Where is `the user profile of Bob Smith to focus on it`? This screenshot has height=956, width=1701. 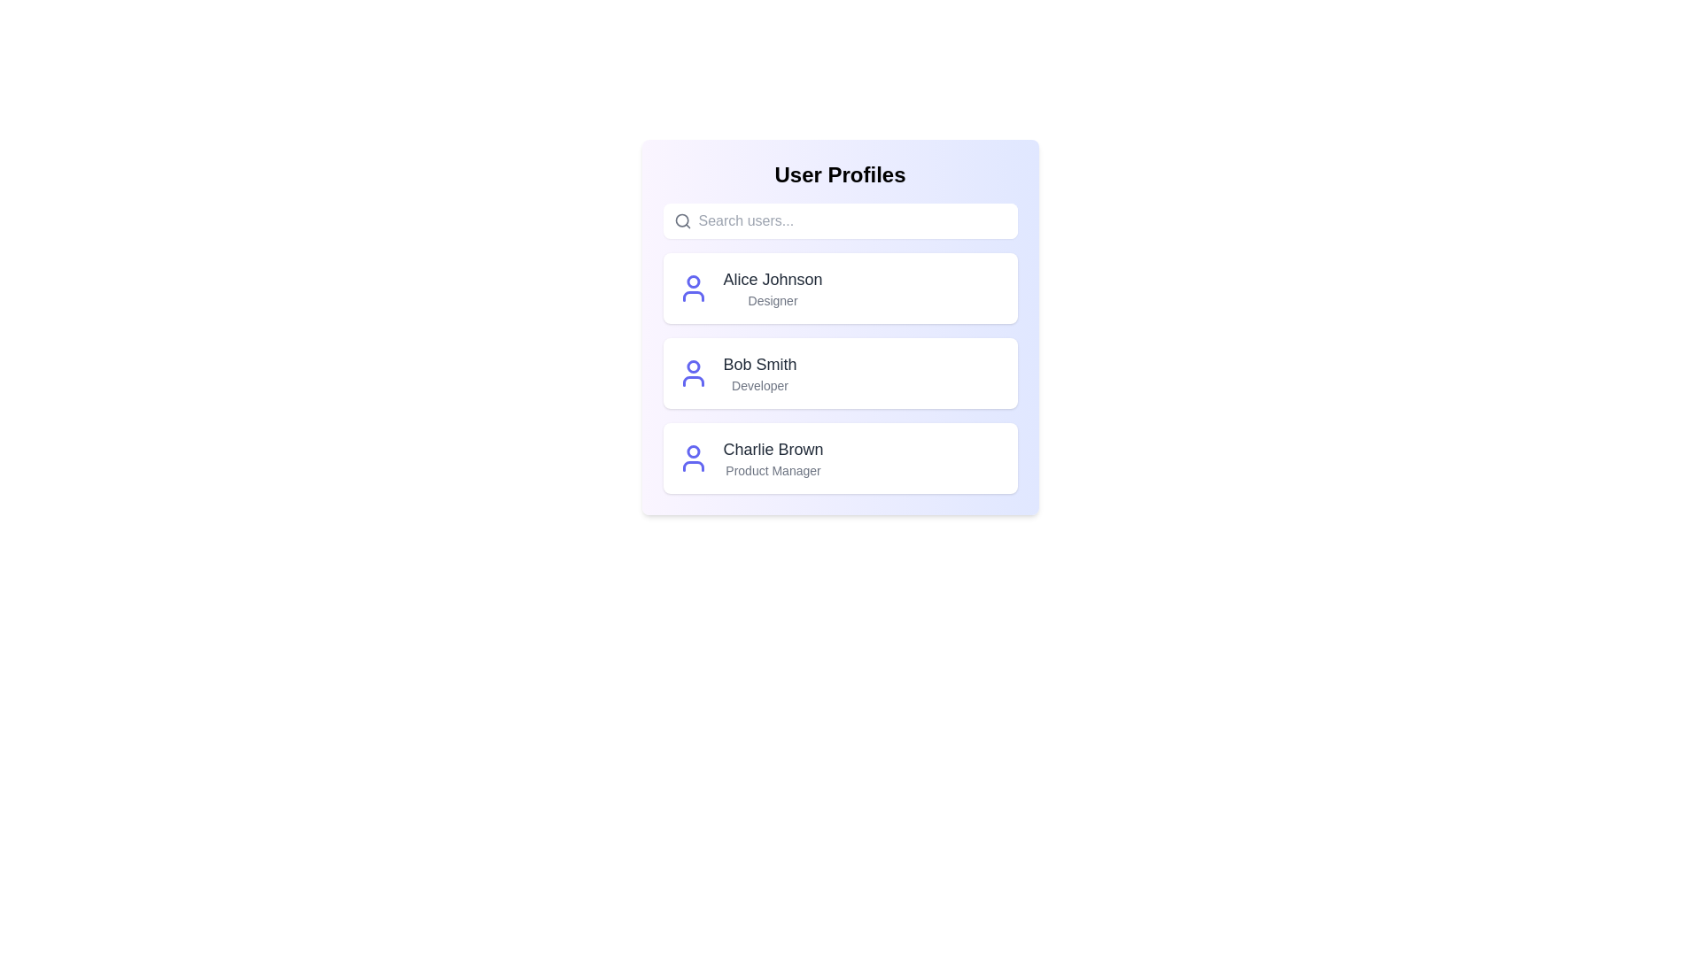
the user profile of Bob Smith to focus on it is located at coordinates (839, 372).